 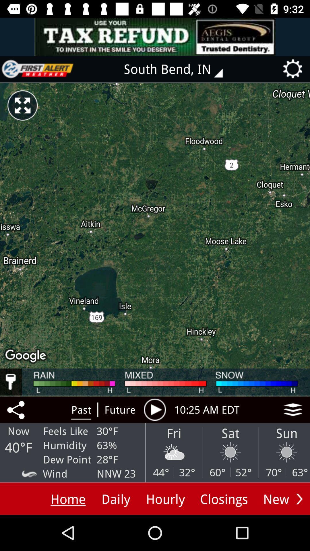 What do you see at coordinates (38, 69) in the screenshot?
I see `wsbtweather` at bounding box center [38, 69].